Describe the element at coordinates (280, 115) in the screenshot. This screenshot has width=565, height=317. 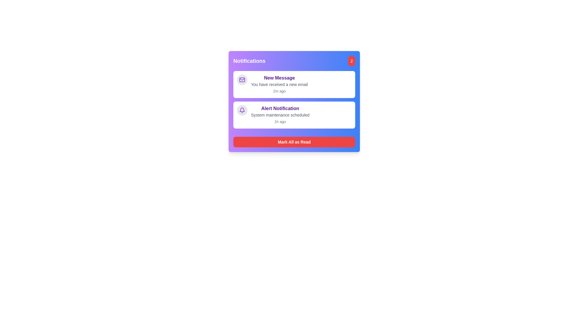
I see `the Notification block containing the text 'Alert Notification'` at that location.